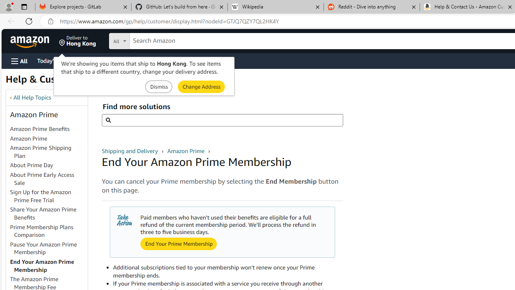 The image size is (515, 290). Describe the element at coordinates (48, 129) in the screenshot. I see `'Amazon Prime Benefits'` at that location.